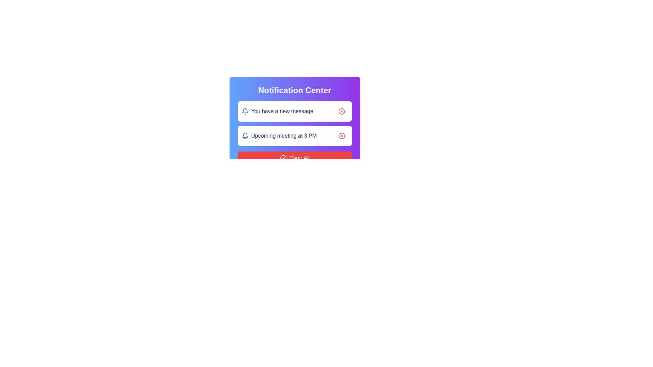 Image resolution: width=653 pixels, height=367 pixels. Describe the element at coordinates (295, 90) in the screenshot. I see `the 'Notification Center' text, which is a bold and prominent title at the top of the panel, styled with a large, semi-bold font and set against a gradient background from blue to purple` at that location.